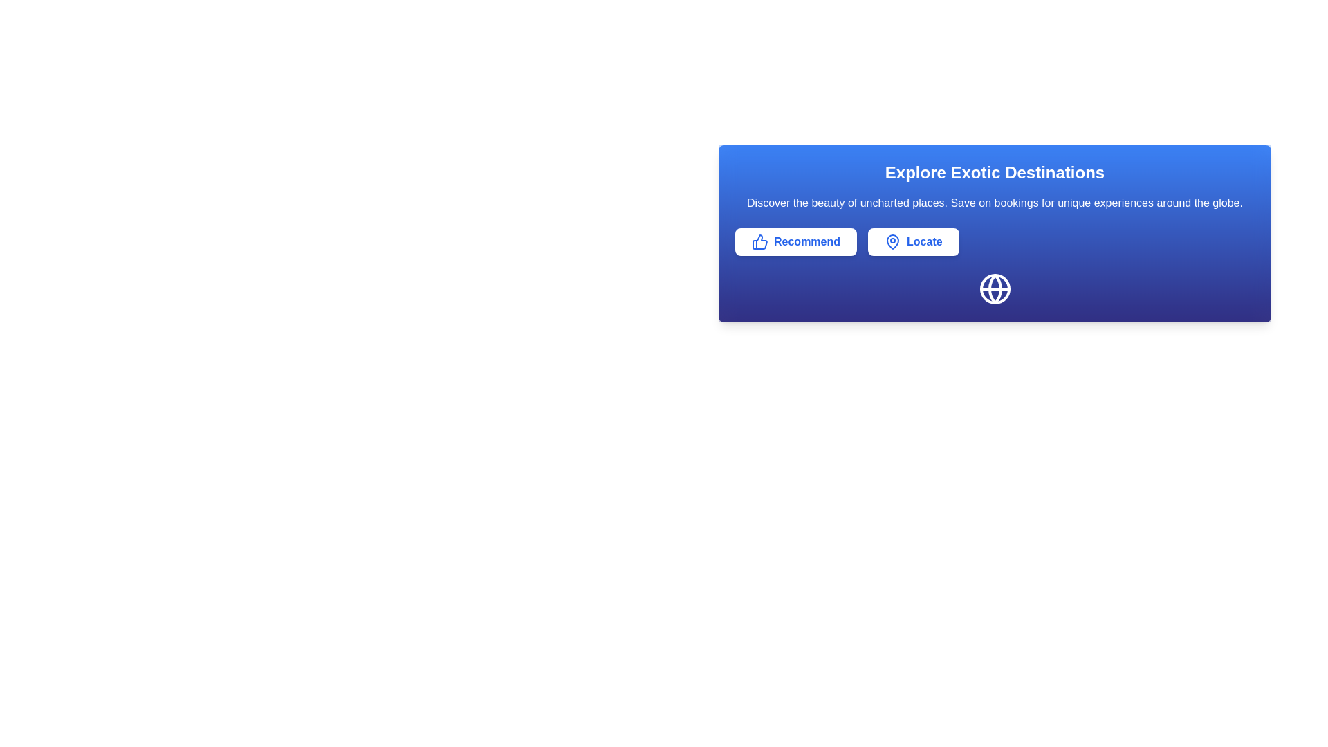 The image size is (1328, 747). What do you see at coordinates (994, 288) in the screenshot?
I see `the decorative globe icon located in the bottom section of the panel, which represents travel and exploration` at bounding box center [994, 288].